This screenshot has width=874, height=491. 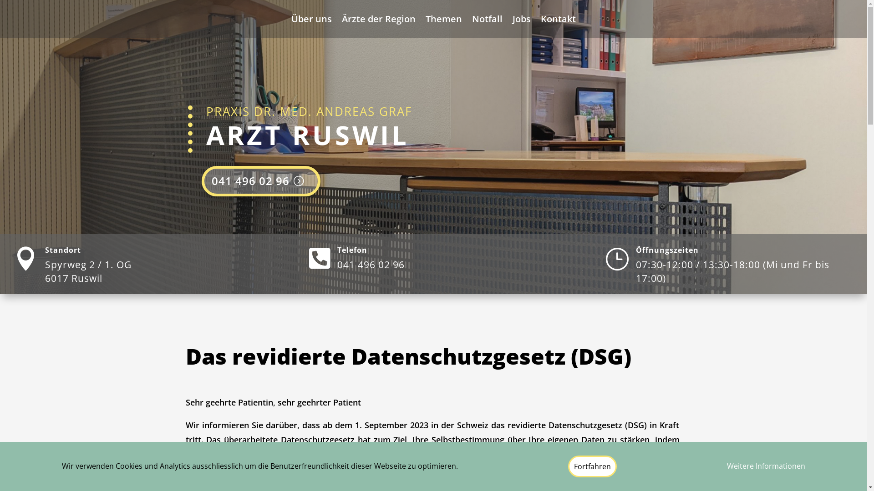 What do you see at coordinates (766, 466) in the screenshot?
I see `'Weitere Informationen'` at bounding box center [766, 466].